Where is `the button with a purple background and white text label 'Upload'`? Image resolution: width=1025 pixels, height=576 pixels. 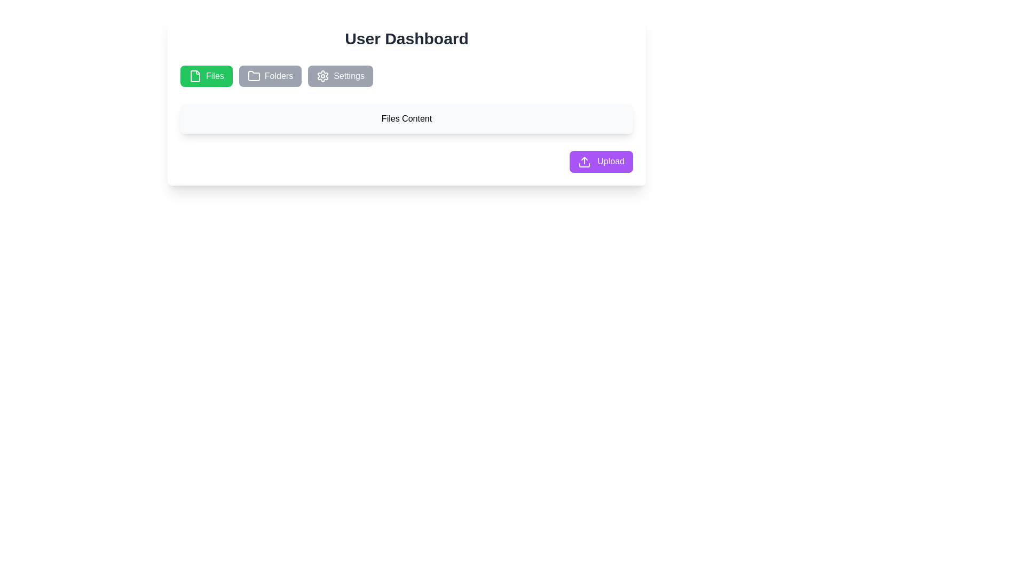 the button with a purple background and white text label 'Upload' is located at coordinates (601, 162).